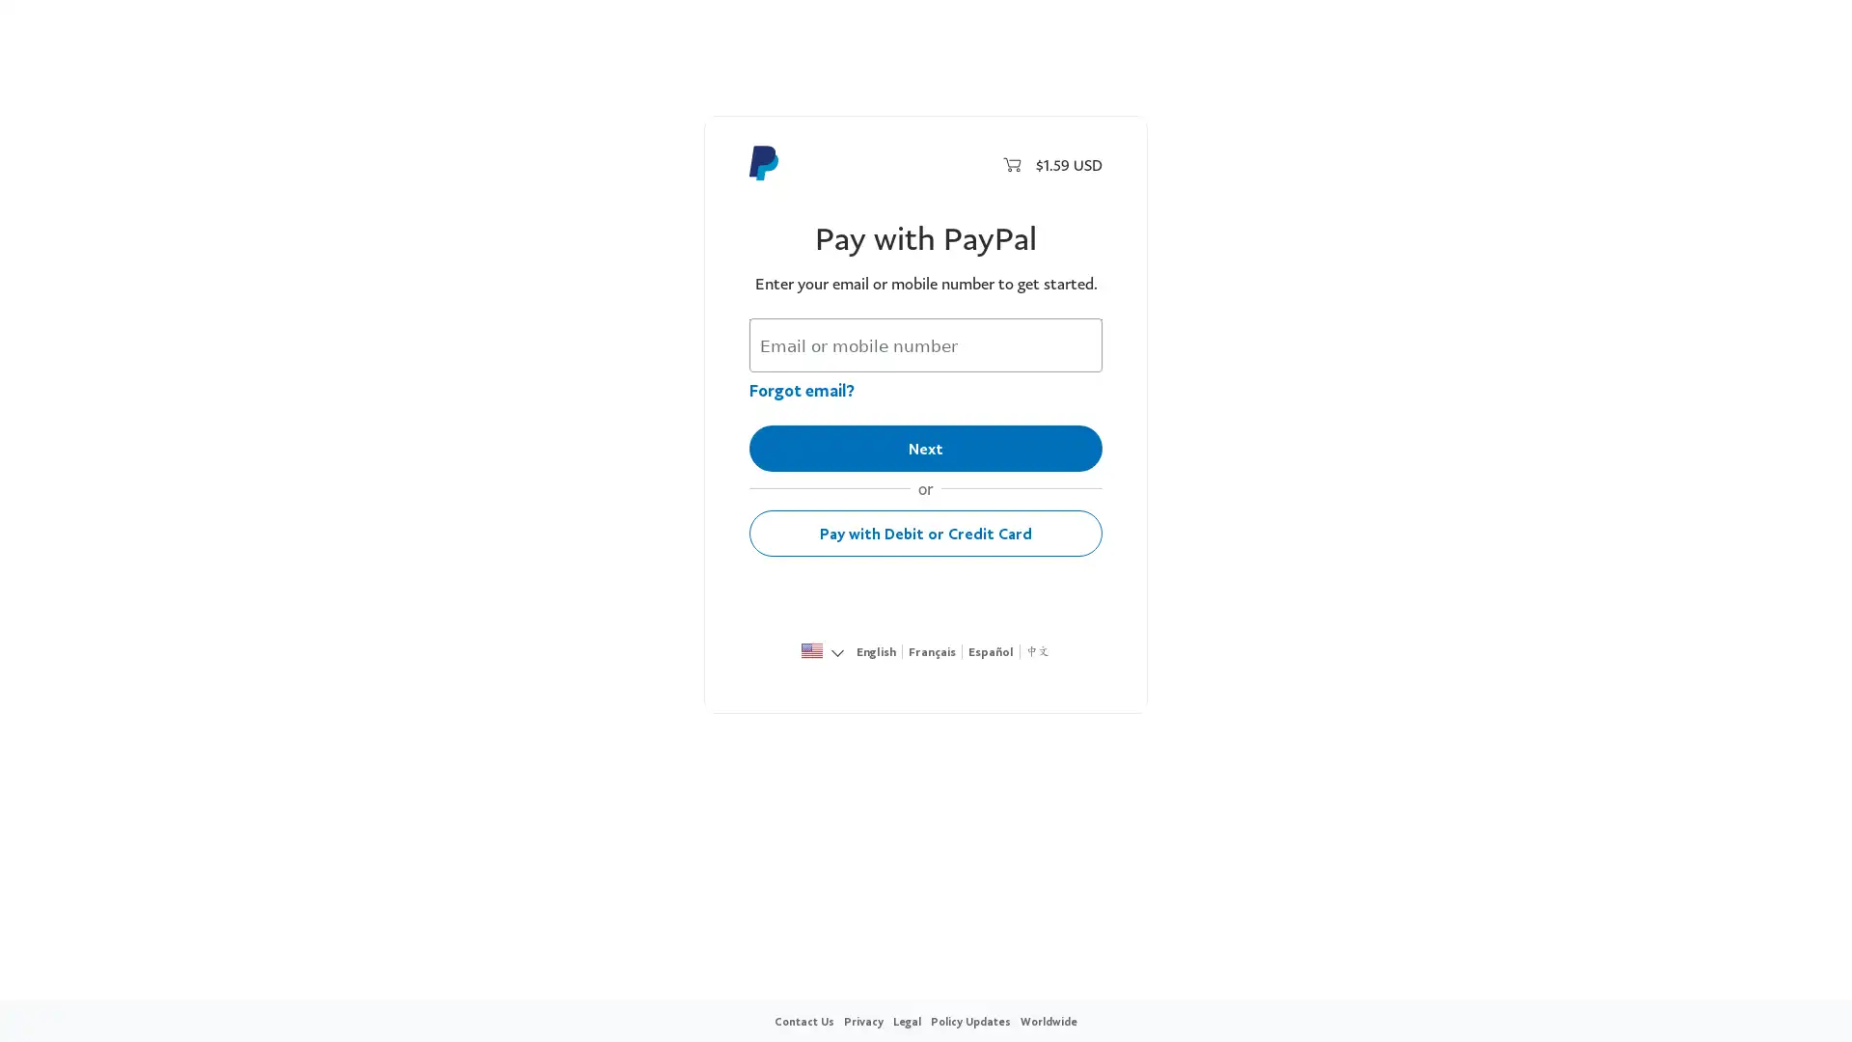 The width and height of the screenshot is (1852, 1042). Describe the element at coordinates (926, 449) in the screenshot. I see `Next` at that location.